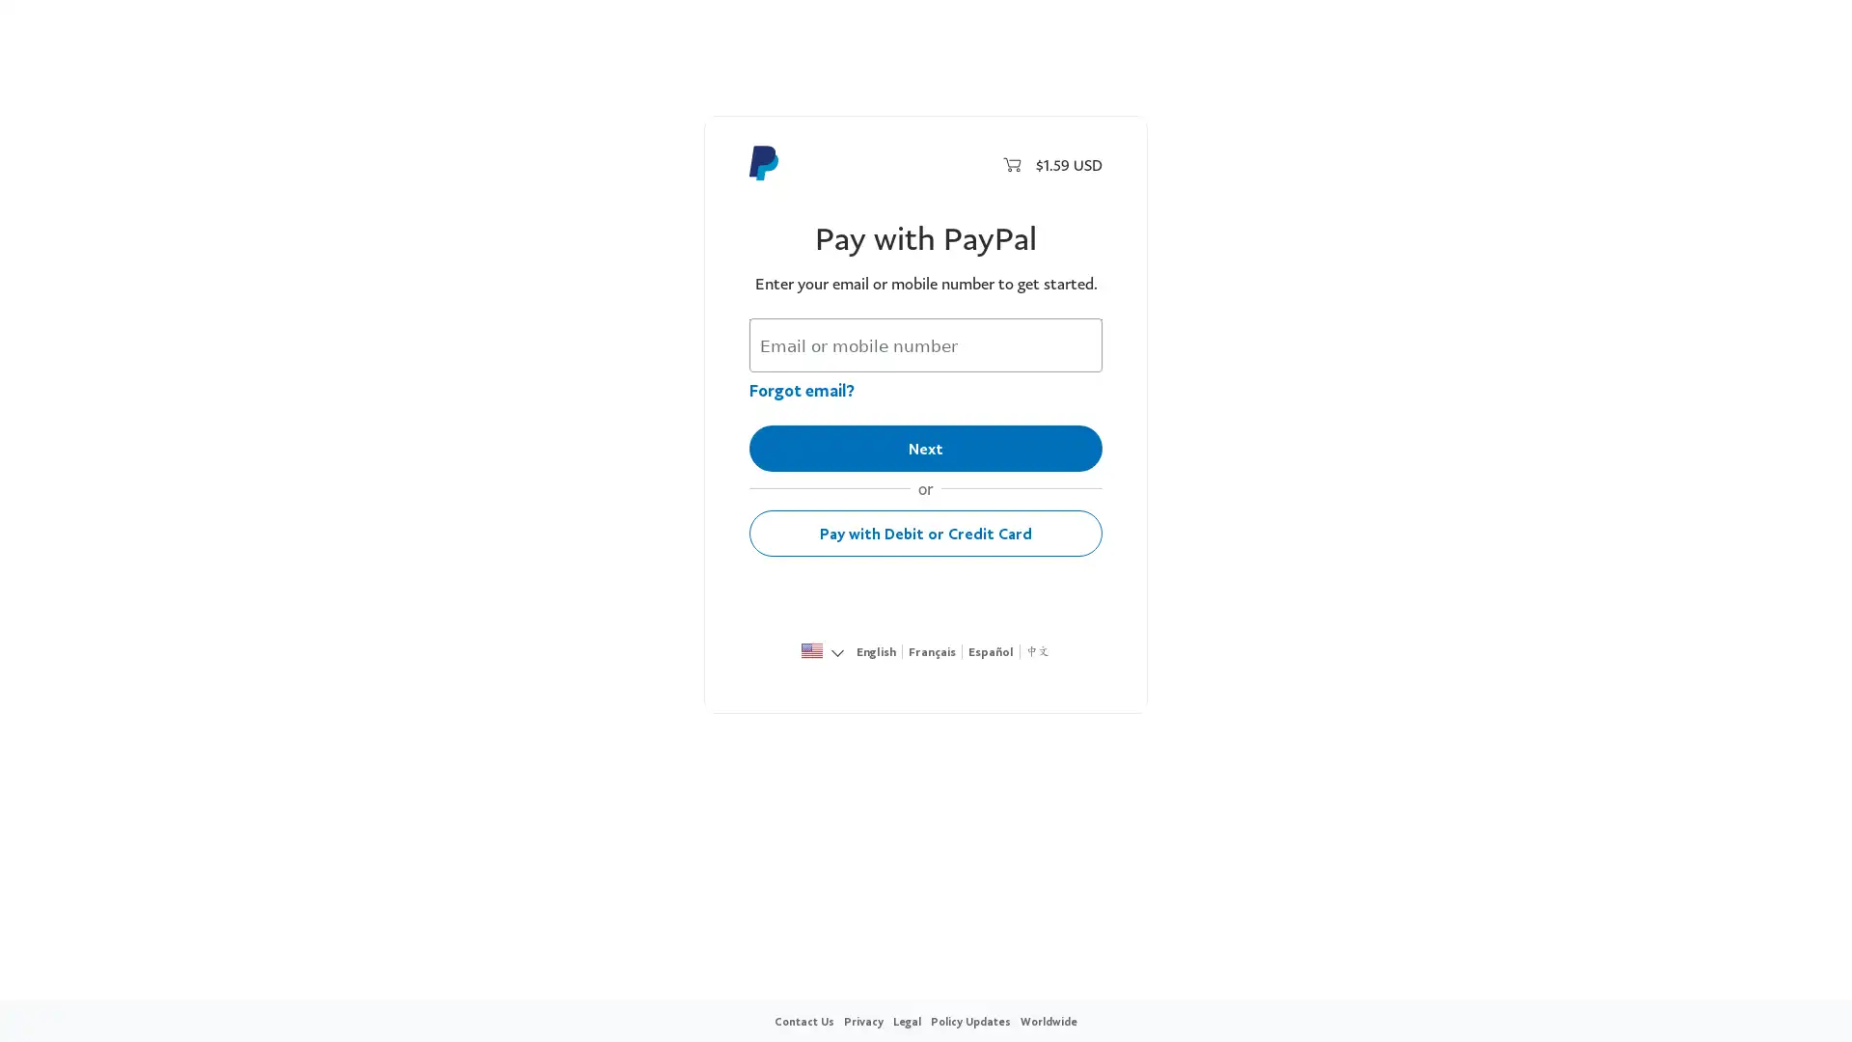 The width and height of the screenshot is (1852, 1042). Describe the element at coordinates (926, 449) in the screenshot. I see `Next` at that location.